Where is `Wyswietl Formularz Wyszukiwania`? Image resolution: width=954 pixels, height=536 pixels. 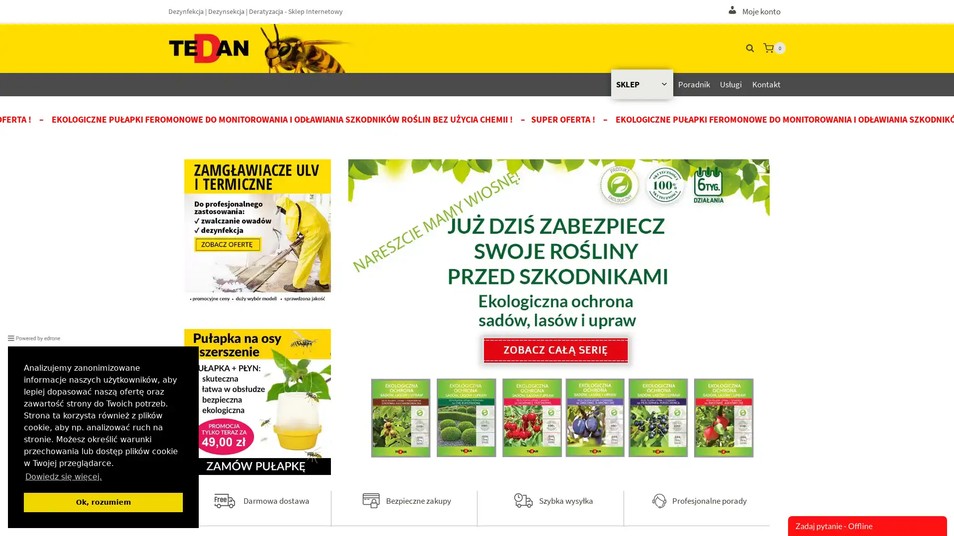
Wyswietl Formularz Wyszukiwania is located at coordinates (749, 48).